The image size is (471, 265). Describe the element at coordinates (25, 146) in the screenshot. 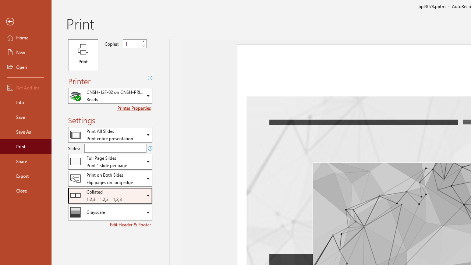

I see `'Print'` at that location.